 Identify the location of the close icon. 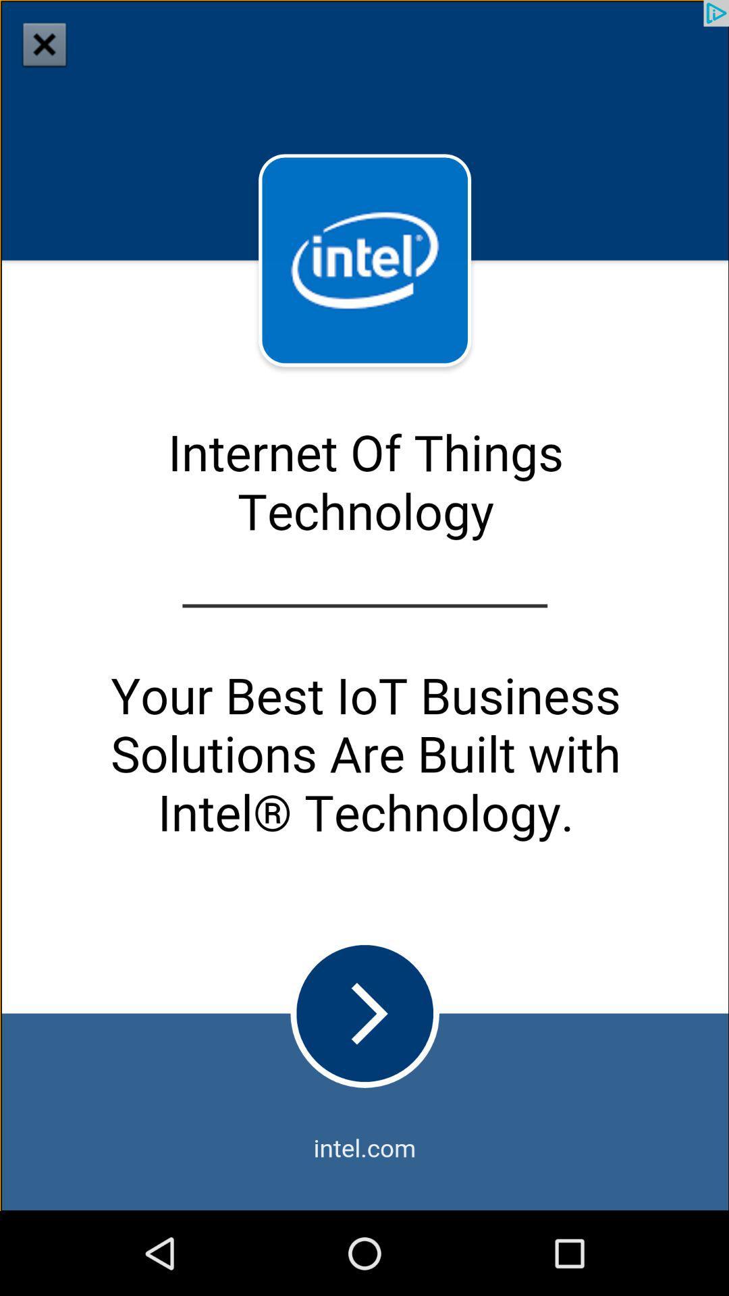
(43, 47).